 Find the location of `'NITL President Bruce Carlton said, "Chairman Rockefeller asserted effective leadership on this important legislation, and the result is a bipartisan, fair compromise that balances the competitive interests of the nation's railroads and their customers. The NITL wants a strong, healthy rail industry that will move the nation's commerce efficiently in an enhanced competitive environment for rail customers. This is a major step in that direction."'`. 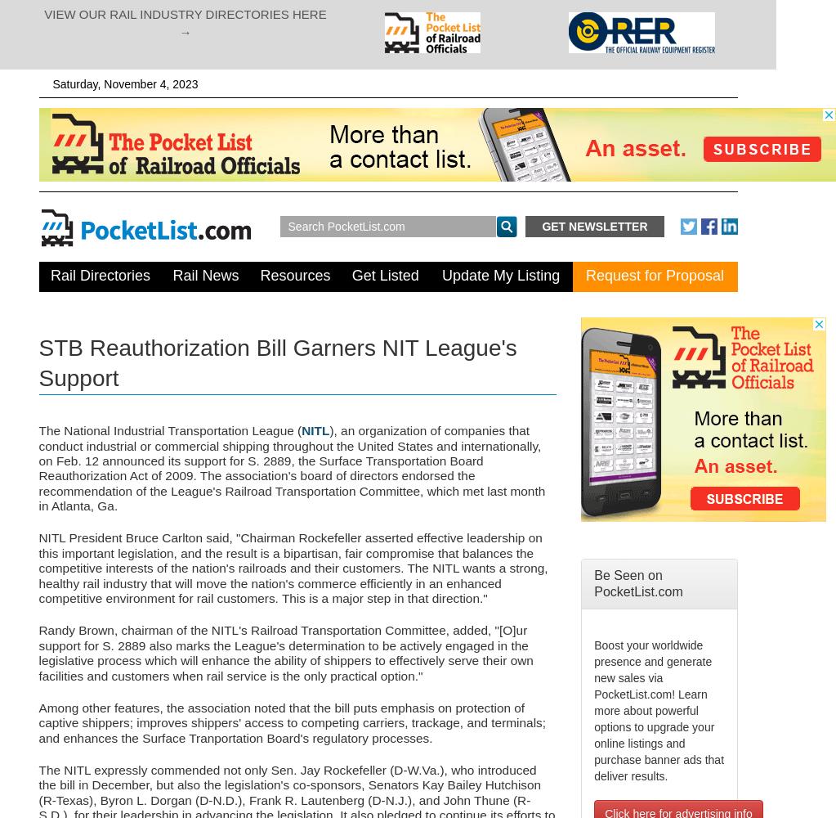

'NITL President Bruce Carlton said, "Chairman Rockefeller asserted effective leadership on this important legislation, and the result is a bipartisan, fair compromise that balances the competitive interests of the nation's railroads and their customers. The NITL wants a strong, healthy rail industry that will move the nation's commerce efficiently in an enhanced competitive environment for rail customers. This is a major step in that direction."' is located at coordinates (37, 567).